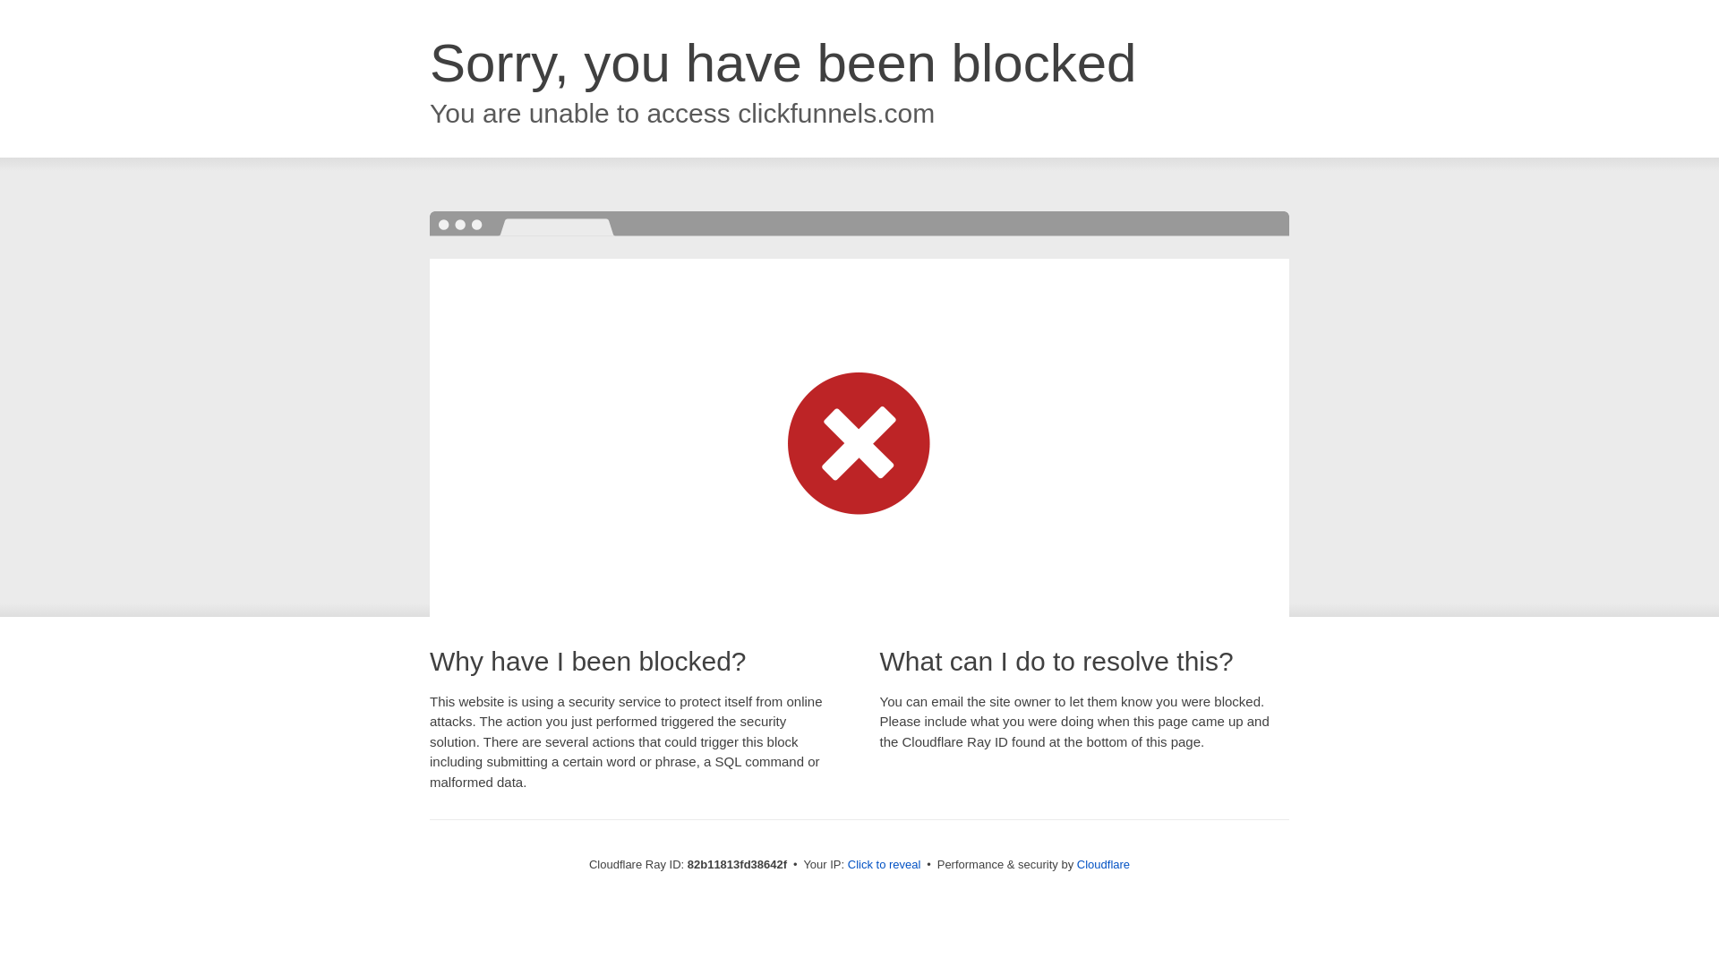  I want to click on 'Cloudflare', so click(1102, 863).